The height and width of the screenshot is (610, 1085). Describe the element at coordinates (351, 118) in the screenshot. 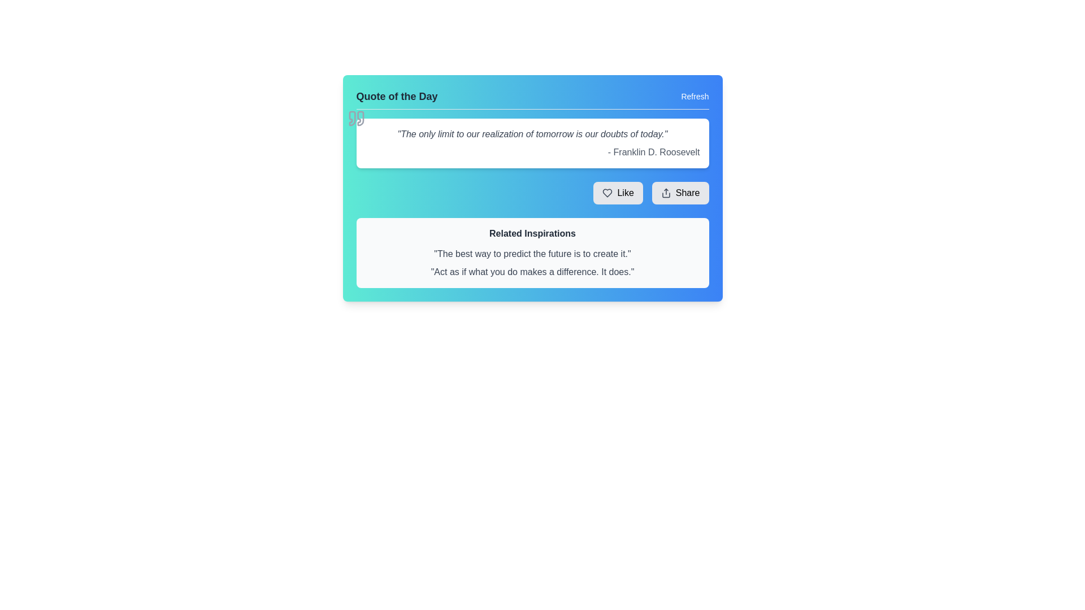

I see `the left quotation mark SVG graphic component that complements the 'Quote of the Day' panel` at that location.